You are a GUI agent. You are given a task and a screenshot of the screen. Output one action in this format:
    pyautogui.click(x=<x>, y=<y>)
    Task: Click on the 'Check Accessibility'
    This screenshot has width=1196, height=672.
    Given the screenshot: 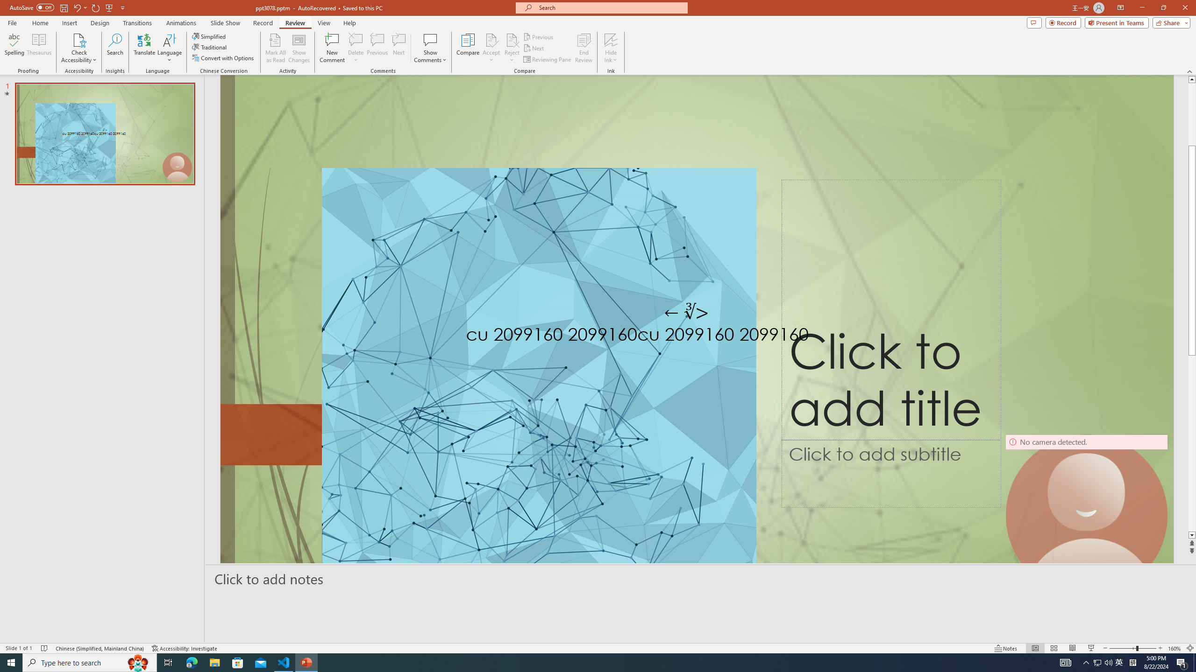 What is the action you would take?
    pyautogui.click(x=78, y=39)
    